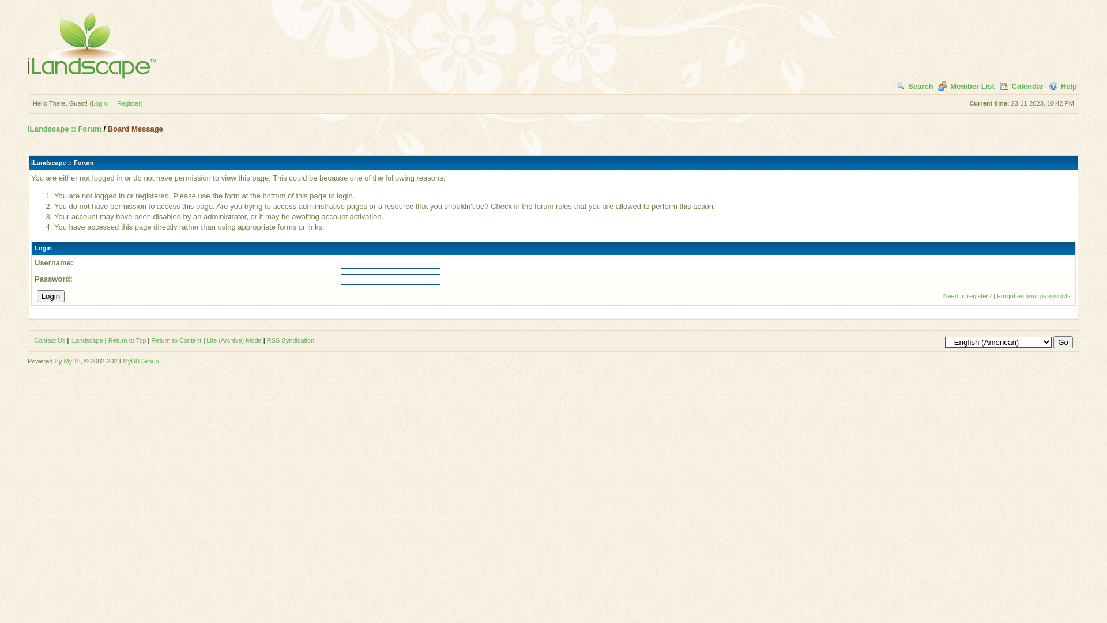 The height and width of the screenshot is (623, 1107). Describe the element at coordinates (1062, 85) in the screenshot. I see `'Help'` at that location.